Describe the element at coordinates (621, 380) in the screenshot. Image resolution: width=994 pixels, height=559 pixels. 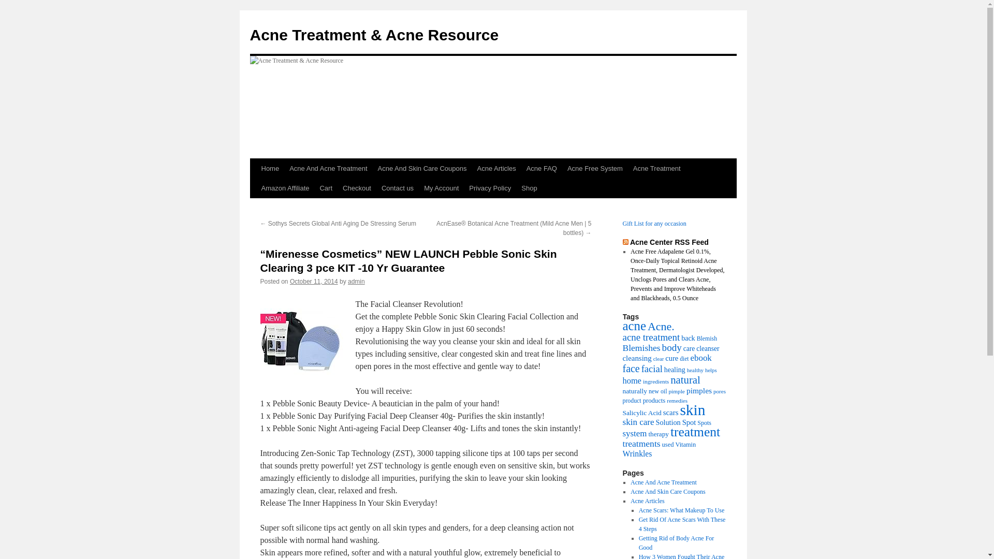
I see `'home'` at that location.